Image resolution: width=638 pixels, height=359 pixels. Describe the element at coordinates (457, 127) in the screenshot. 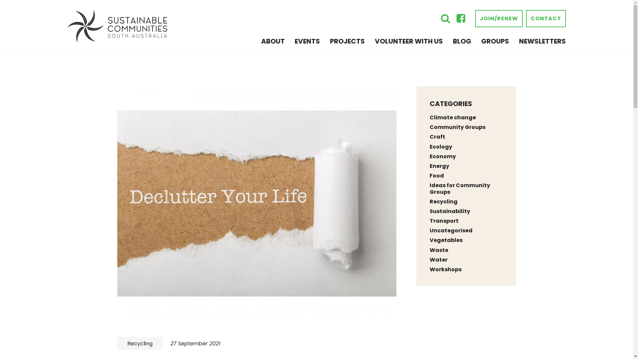

I see `'Community Groups'` at that location.